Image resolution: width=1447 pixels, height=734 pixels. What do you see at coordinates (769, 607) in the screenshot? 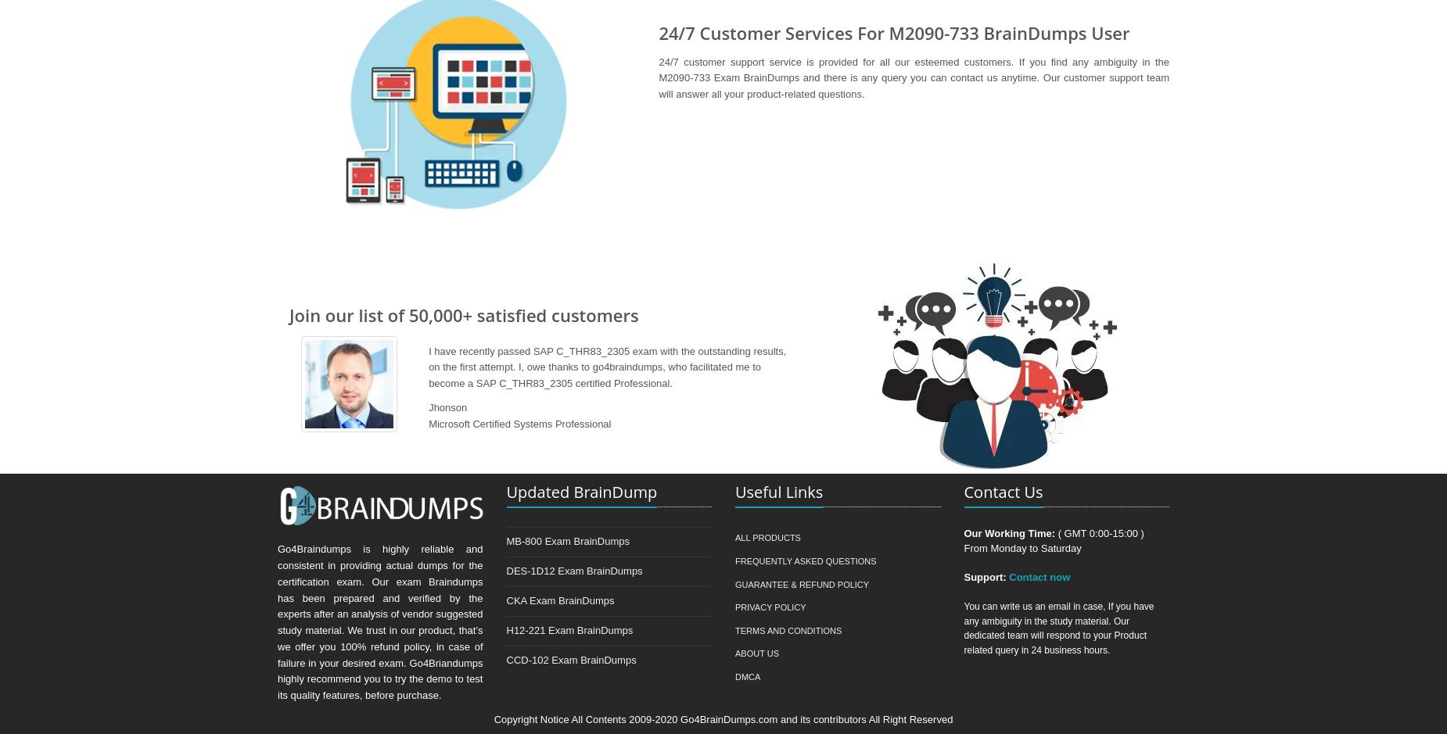
I see `'Privacy Policy'` at bounding box center [769, 607].